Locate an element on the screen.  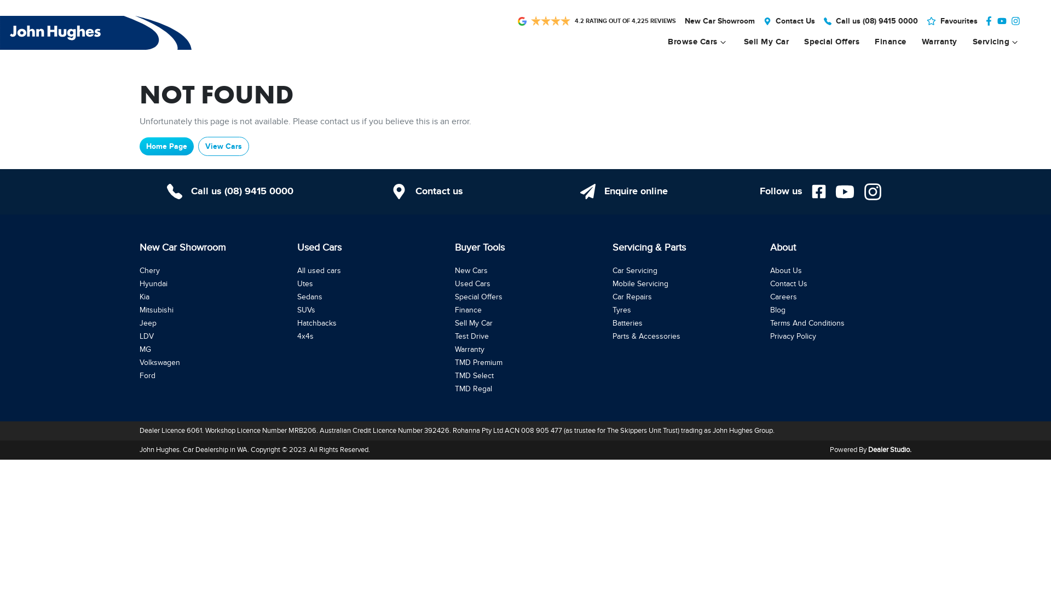
'Tyres' is located at coordinates (622, 310).